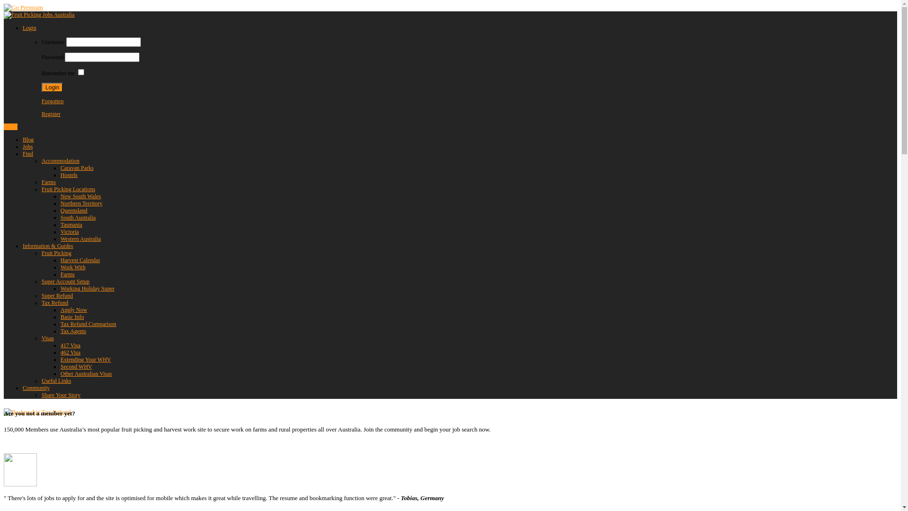  I want to click on 'Information & Guides', so click(47, 246).